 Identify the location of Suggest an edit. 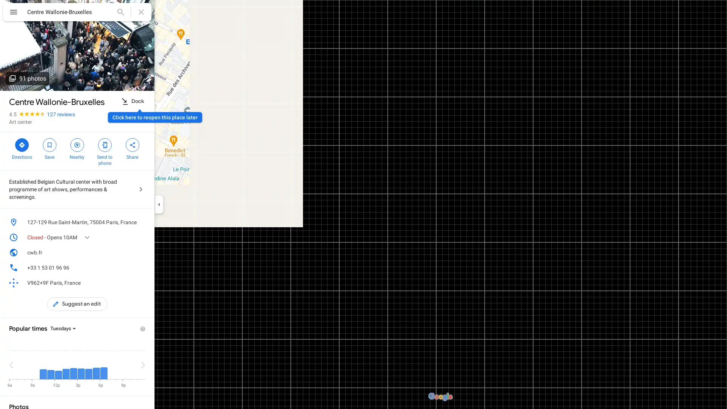
(77, 303).